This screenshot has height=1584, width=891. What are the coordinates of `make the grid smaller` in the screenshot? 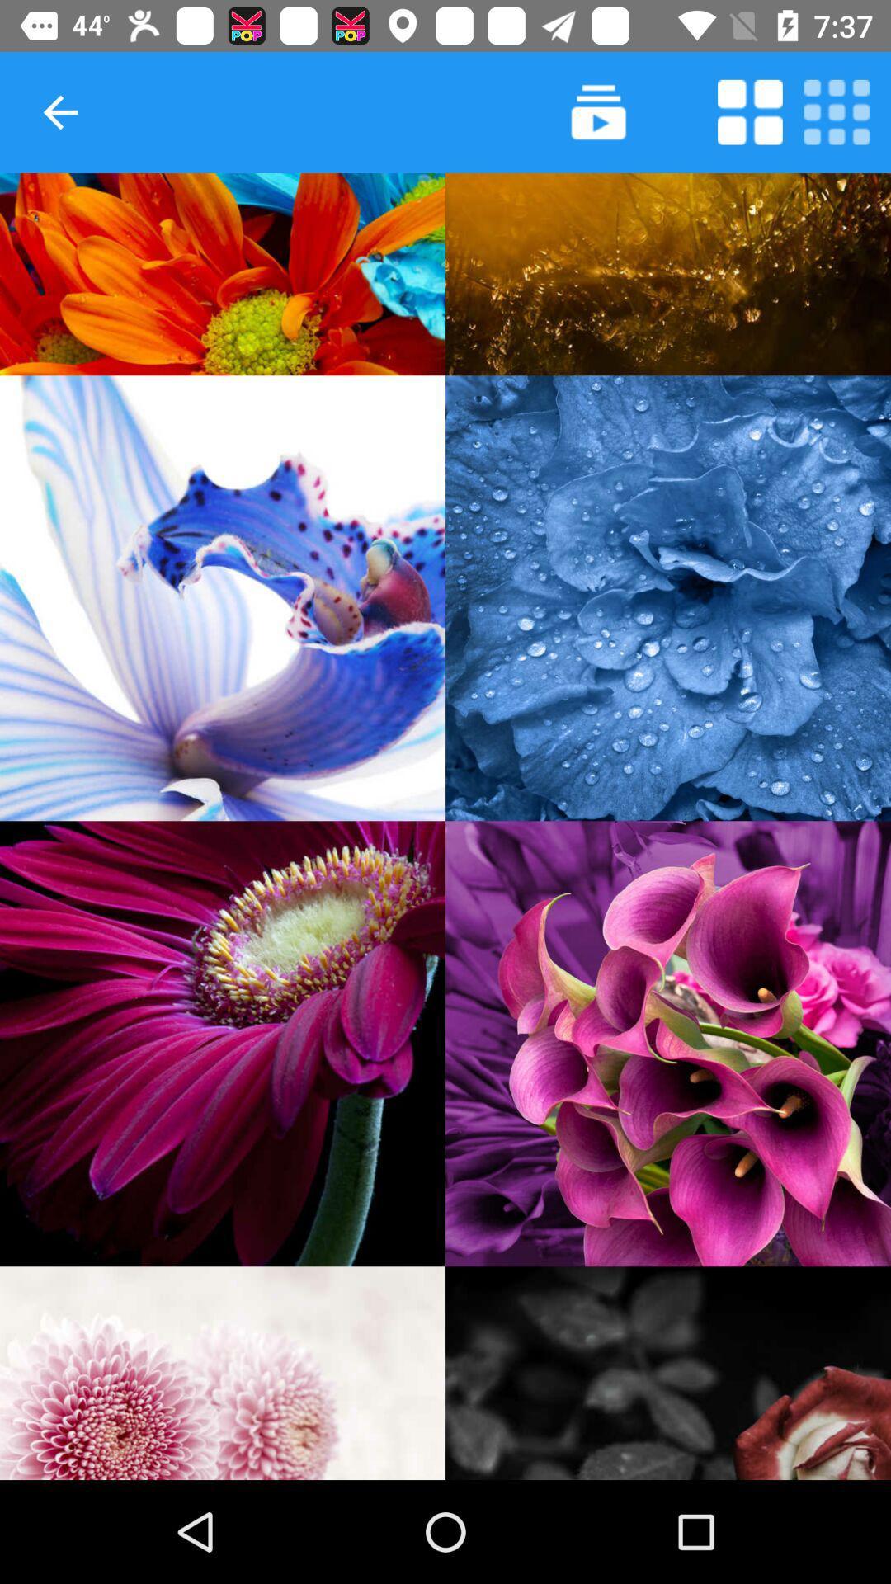 It's located at (837, 111).